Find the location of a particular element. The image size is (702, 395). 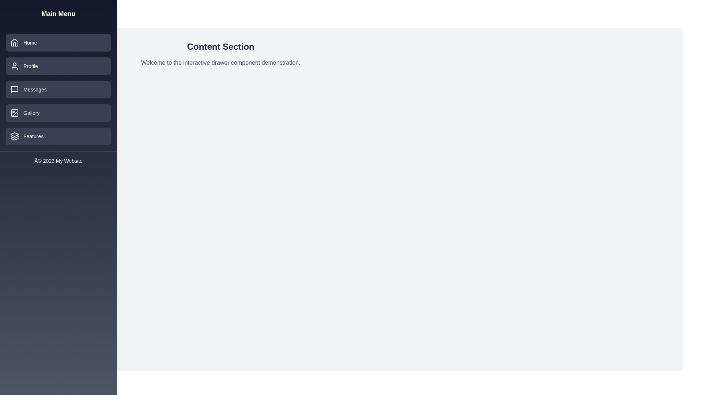

the icon depicting multiple stacked rectangles, which is located to the left of the 'Features' label in the vertical sidebar menu is located at coordinates (14, 136).